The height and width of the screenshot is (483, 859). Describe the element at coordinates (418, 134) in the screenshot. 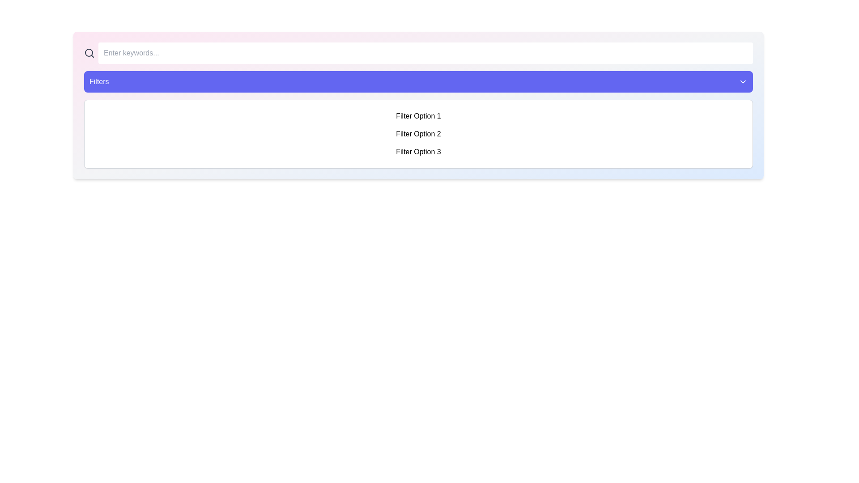

I see `the second text item in the 'Filters' section to trigger visual feedback` at that location.